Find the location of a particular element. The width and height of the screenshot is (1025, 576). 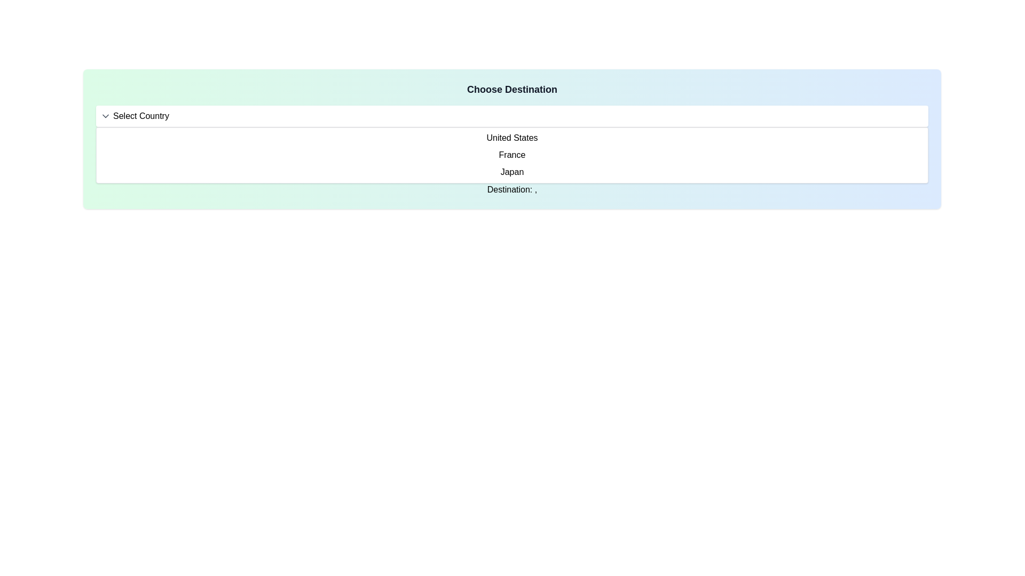

text content of the label located at the bottom of the rounded rectangular UI card with a gradient background, which is positioned below the country names section is located at coordinates (511, 189).